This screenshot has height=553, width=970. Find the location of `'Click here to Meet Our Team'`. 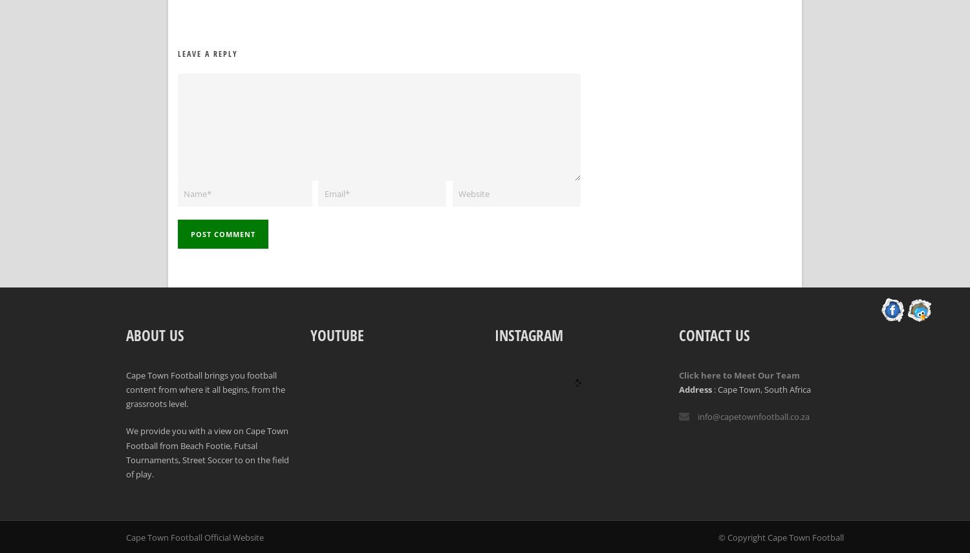

'Click here to Meet Our Team' is located at coordinates (679, 375).